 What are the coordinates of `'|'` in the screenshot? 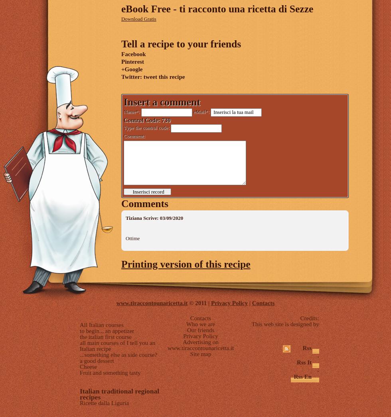 It's located at (249, 303).